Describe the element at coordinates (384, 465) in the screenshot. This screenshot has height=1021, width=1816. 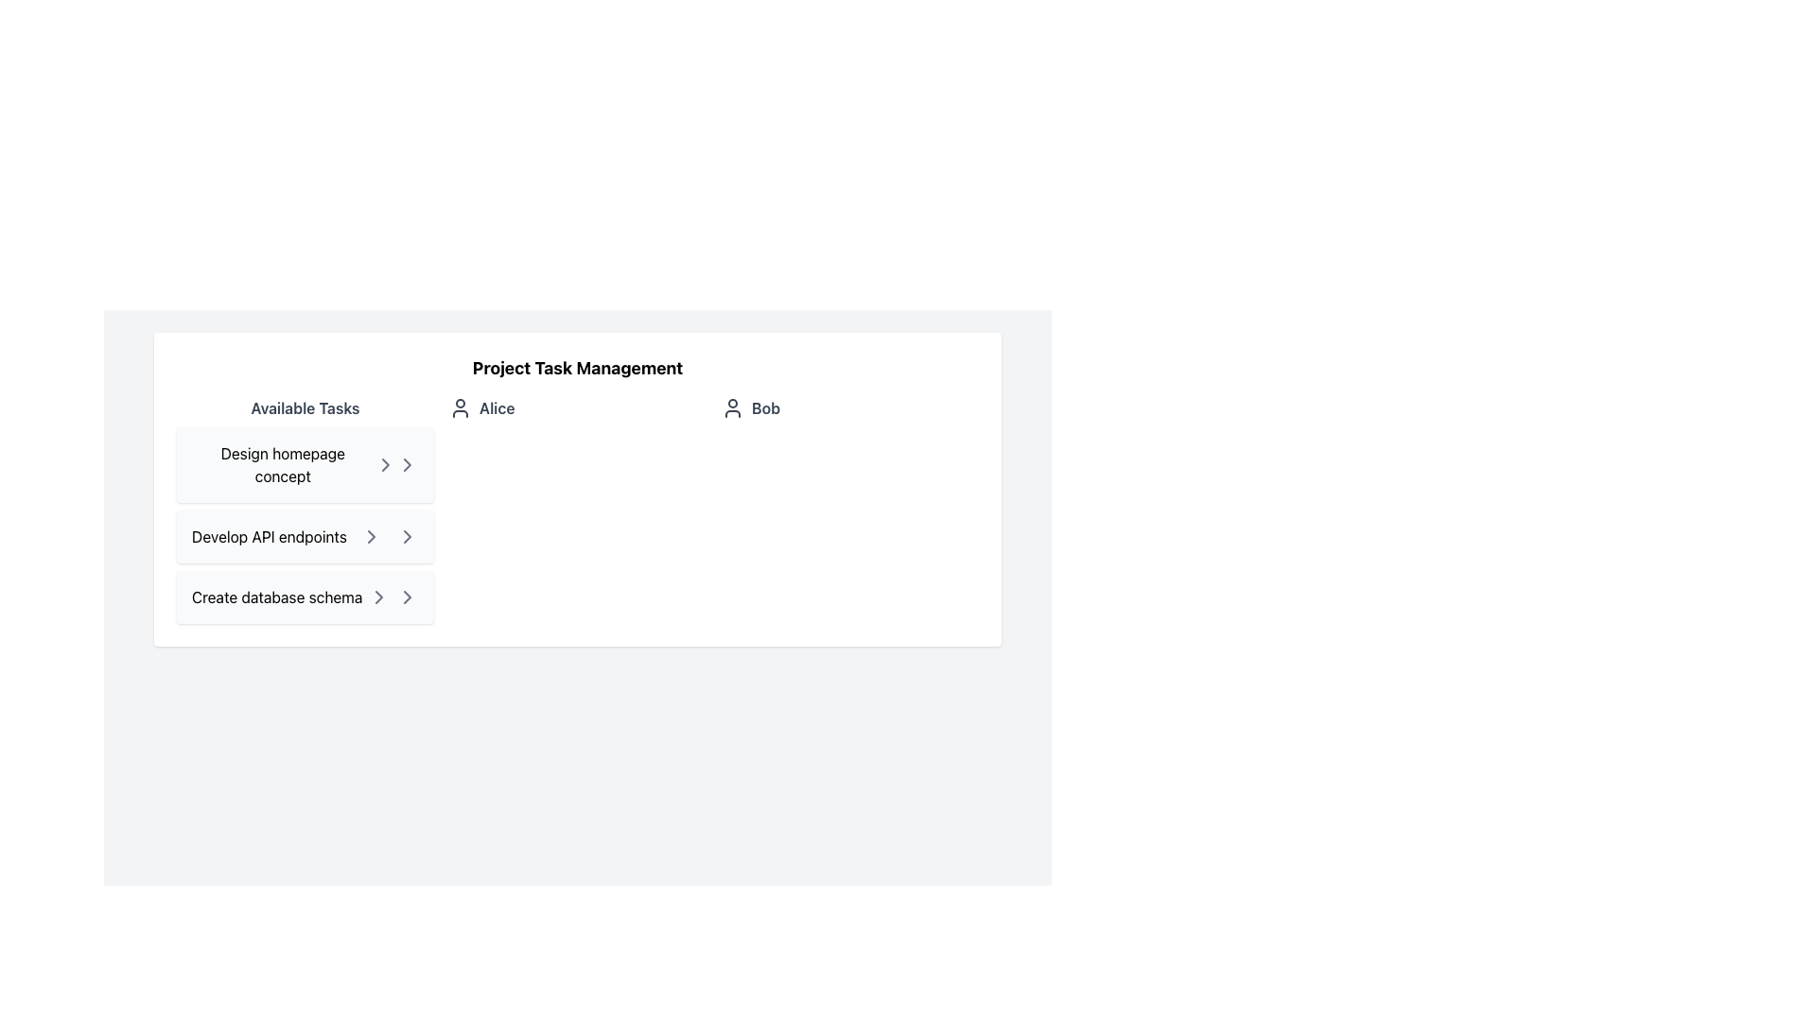
I see `the navigation icon, which is a chevron located on the far-right side of the list item labeled 'Design homepage concept' under the 'Available Tasks' section` at that location.